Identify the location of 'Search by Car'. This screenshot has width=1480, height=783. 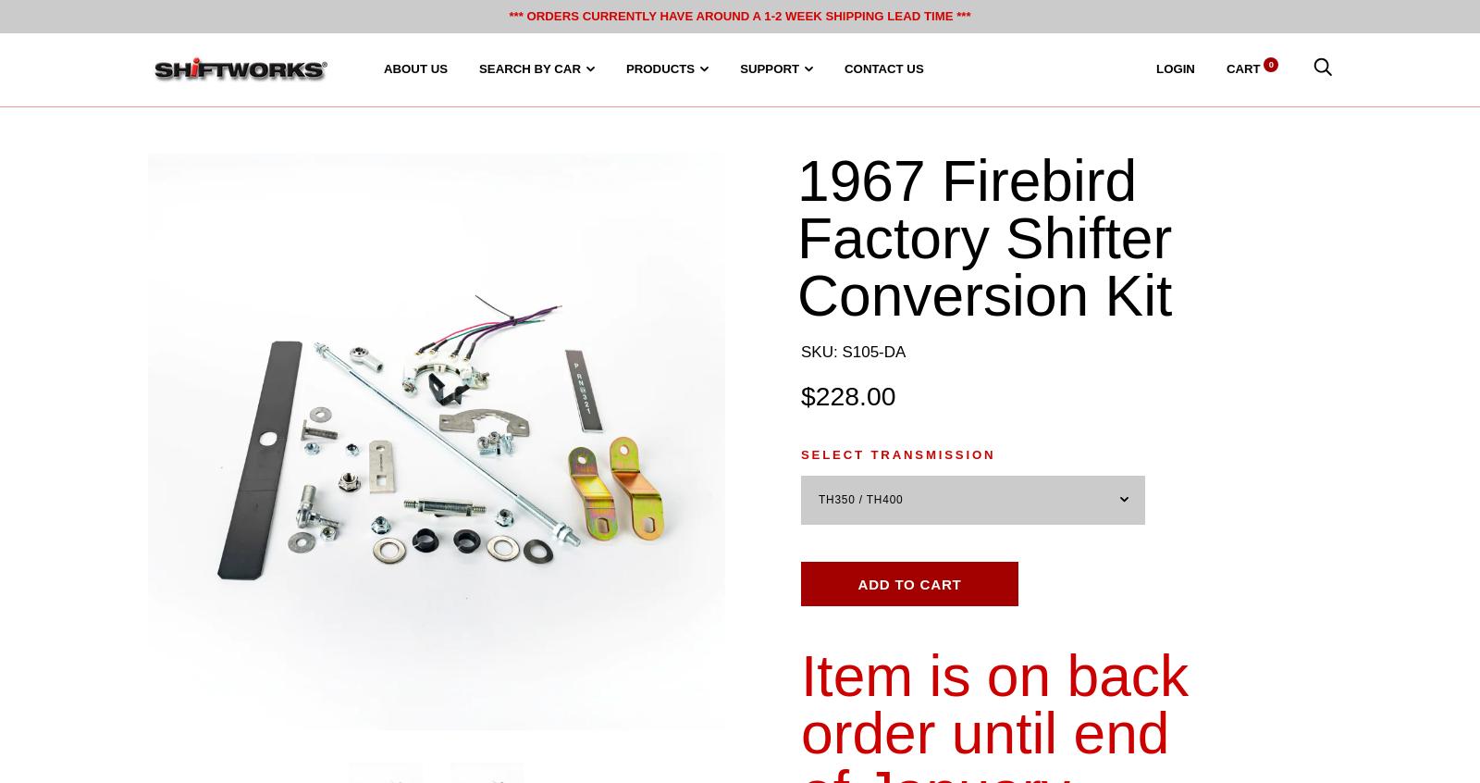
(528, 68).